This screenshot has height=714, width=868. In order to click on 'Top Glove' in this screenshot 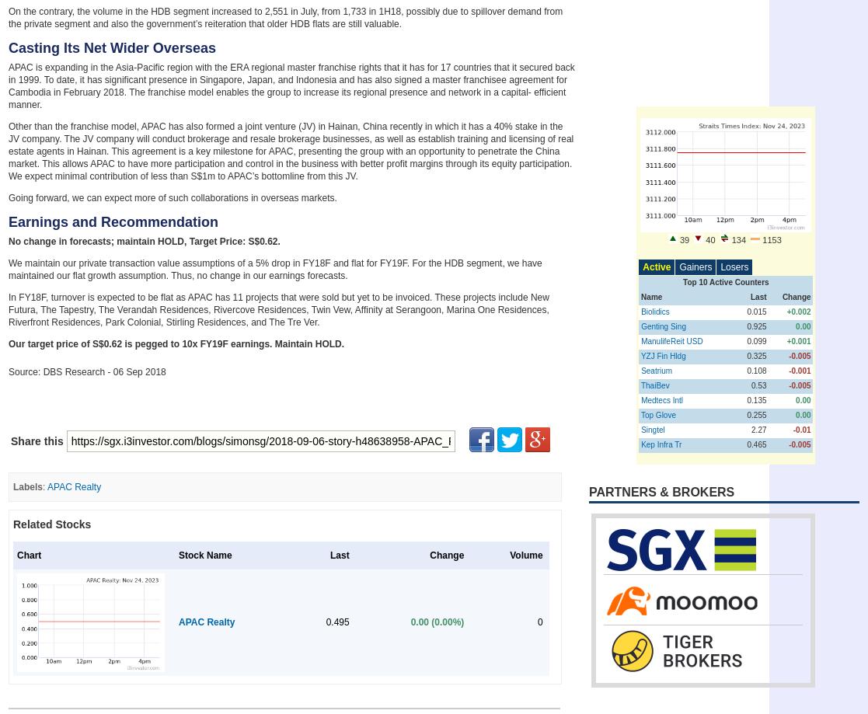, I will do `click(657, 413)`.